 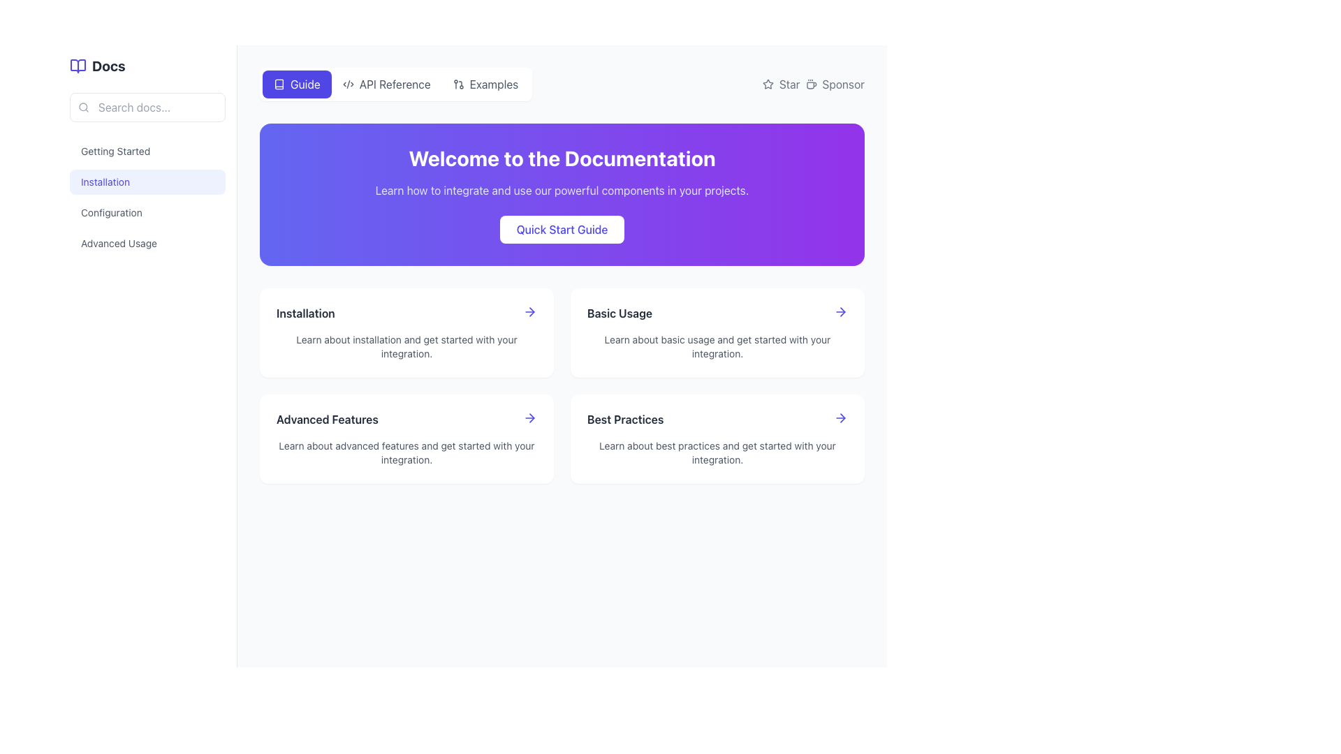 What do you see at coordinates (717, 333) in the screenshot?
I see `the second card` at bounding box center [717, 333].